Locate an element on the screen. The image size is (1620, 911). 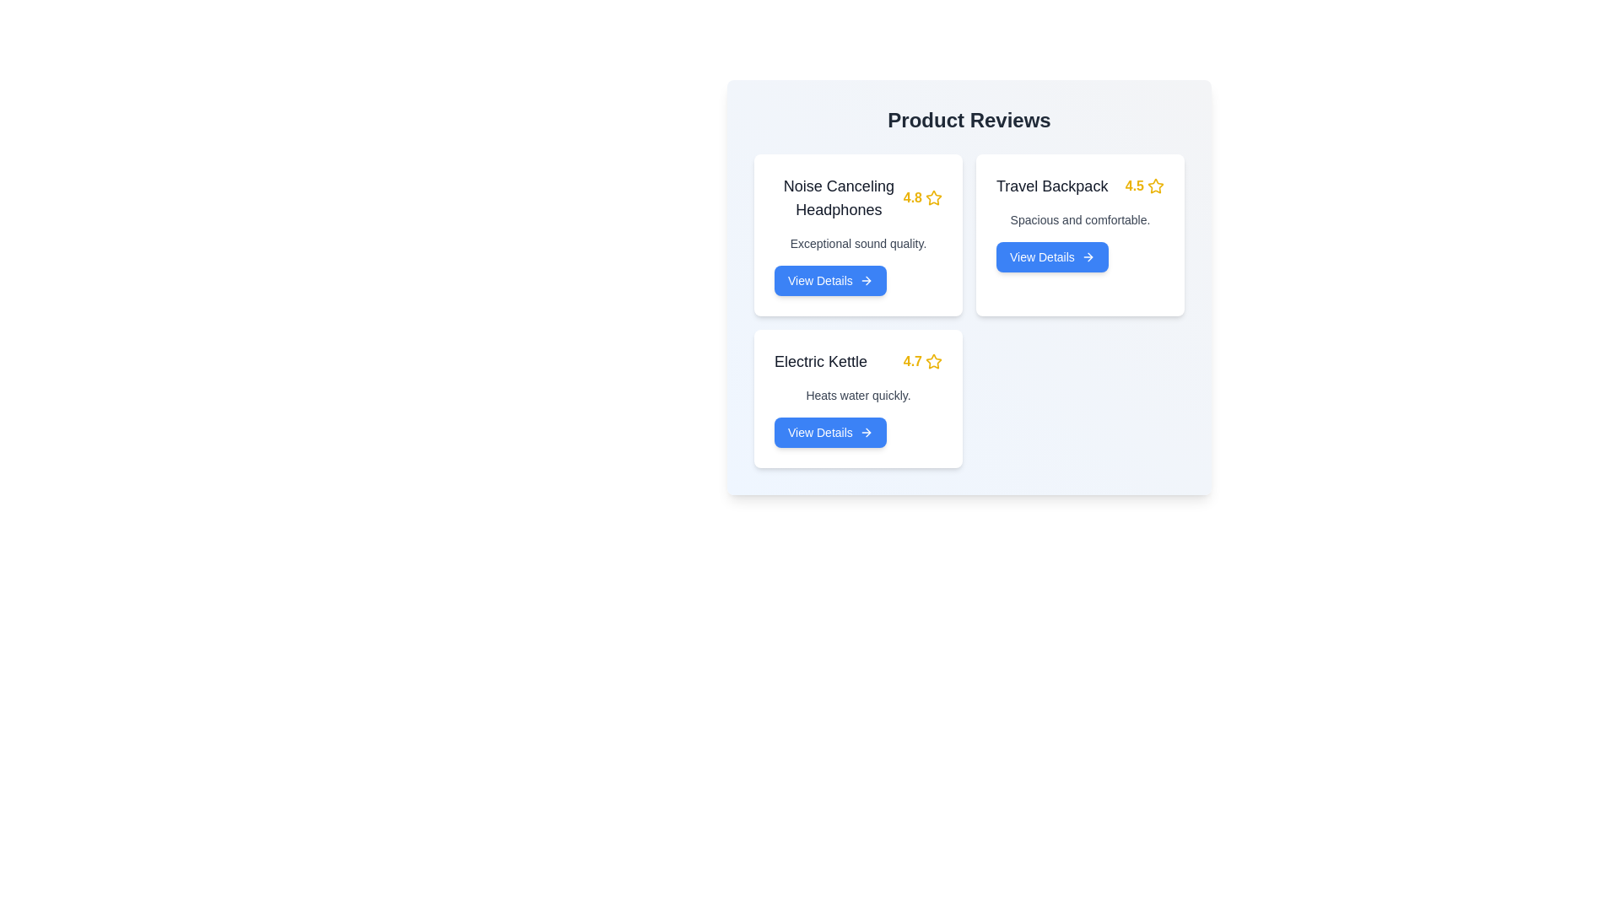
the product card for Travel Backpack is located at coordinates (1080, 234).